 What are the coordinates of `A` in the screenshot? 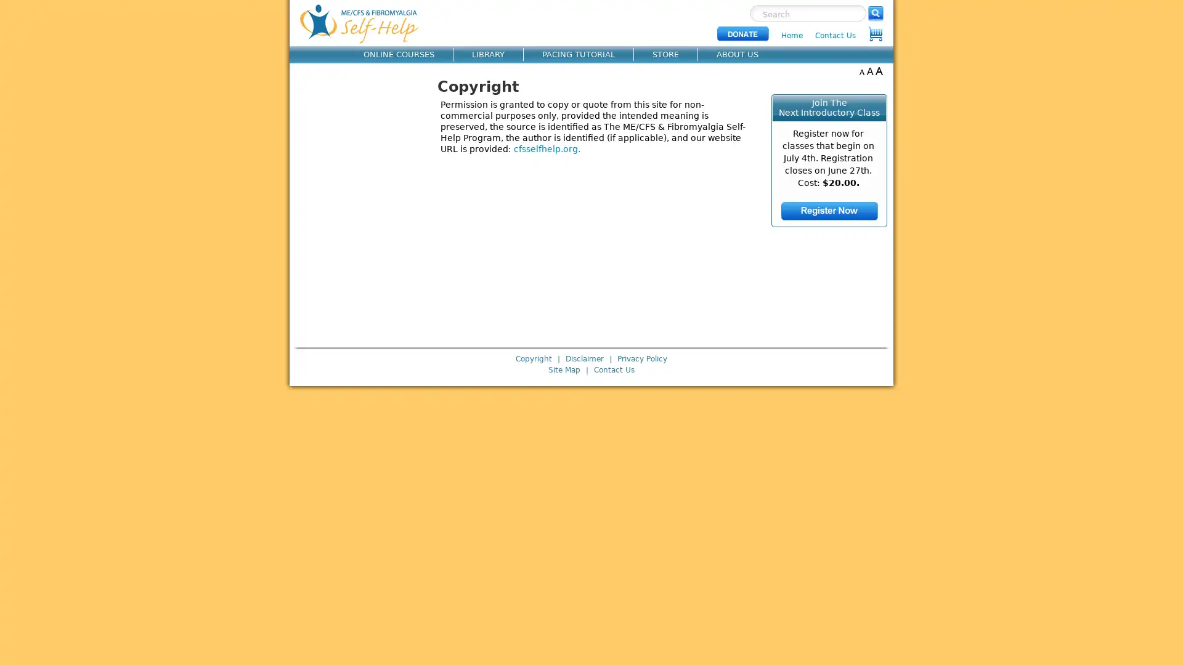 It's located at (861, 71).